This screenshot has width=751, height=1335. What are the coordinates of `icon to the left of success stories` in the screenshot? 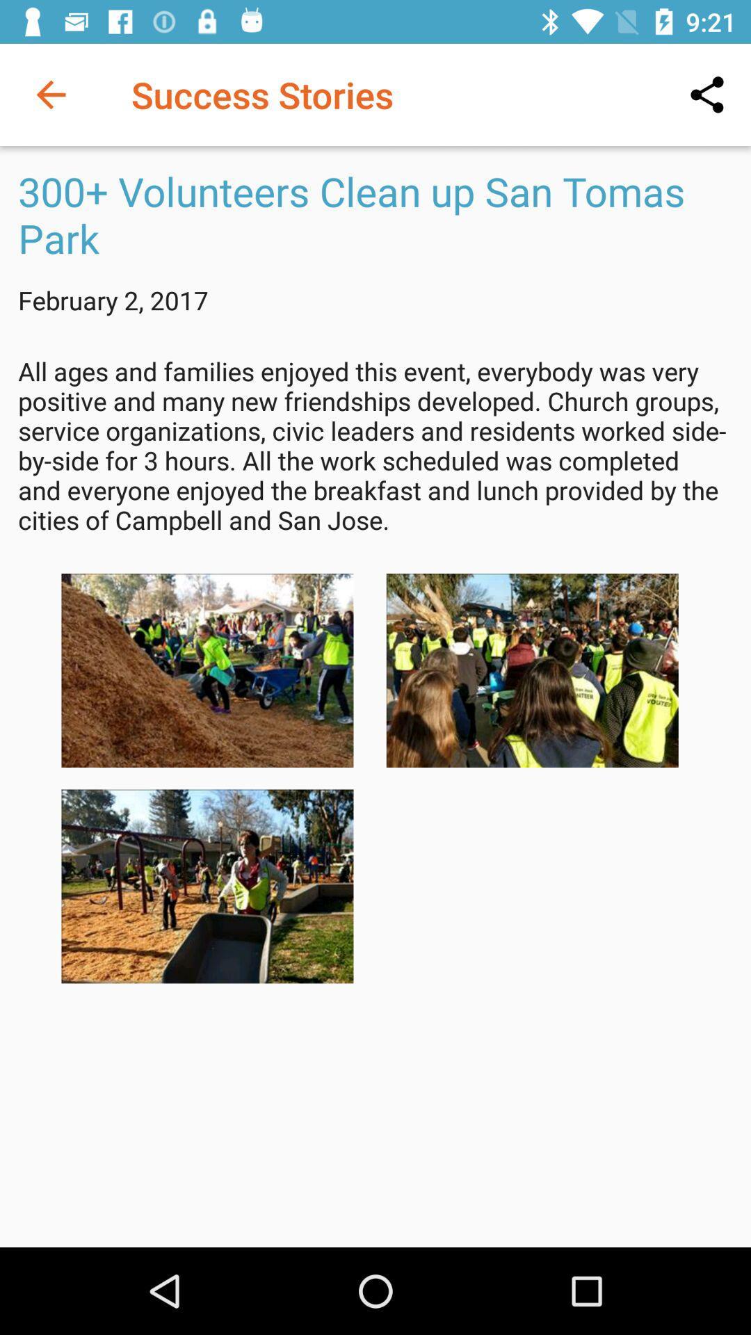 It's located at (50, 94).